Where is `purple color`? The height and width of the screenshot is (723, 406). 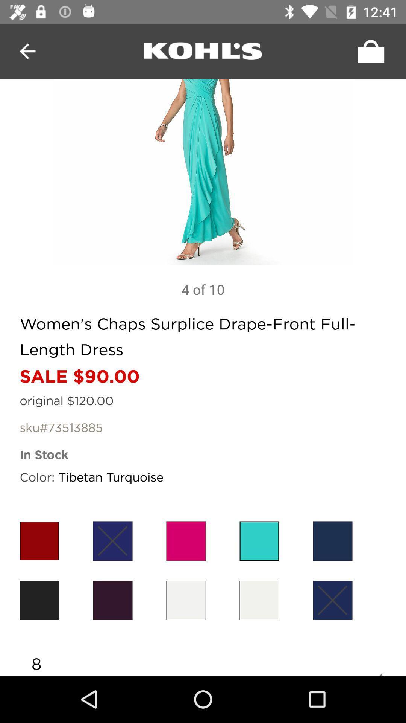
purple color is located at coordinates (113, 600).